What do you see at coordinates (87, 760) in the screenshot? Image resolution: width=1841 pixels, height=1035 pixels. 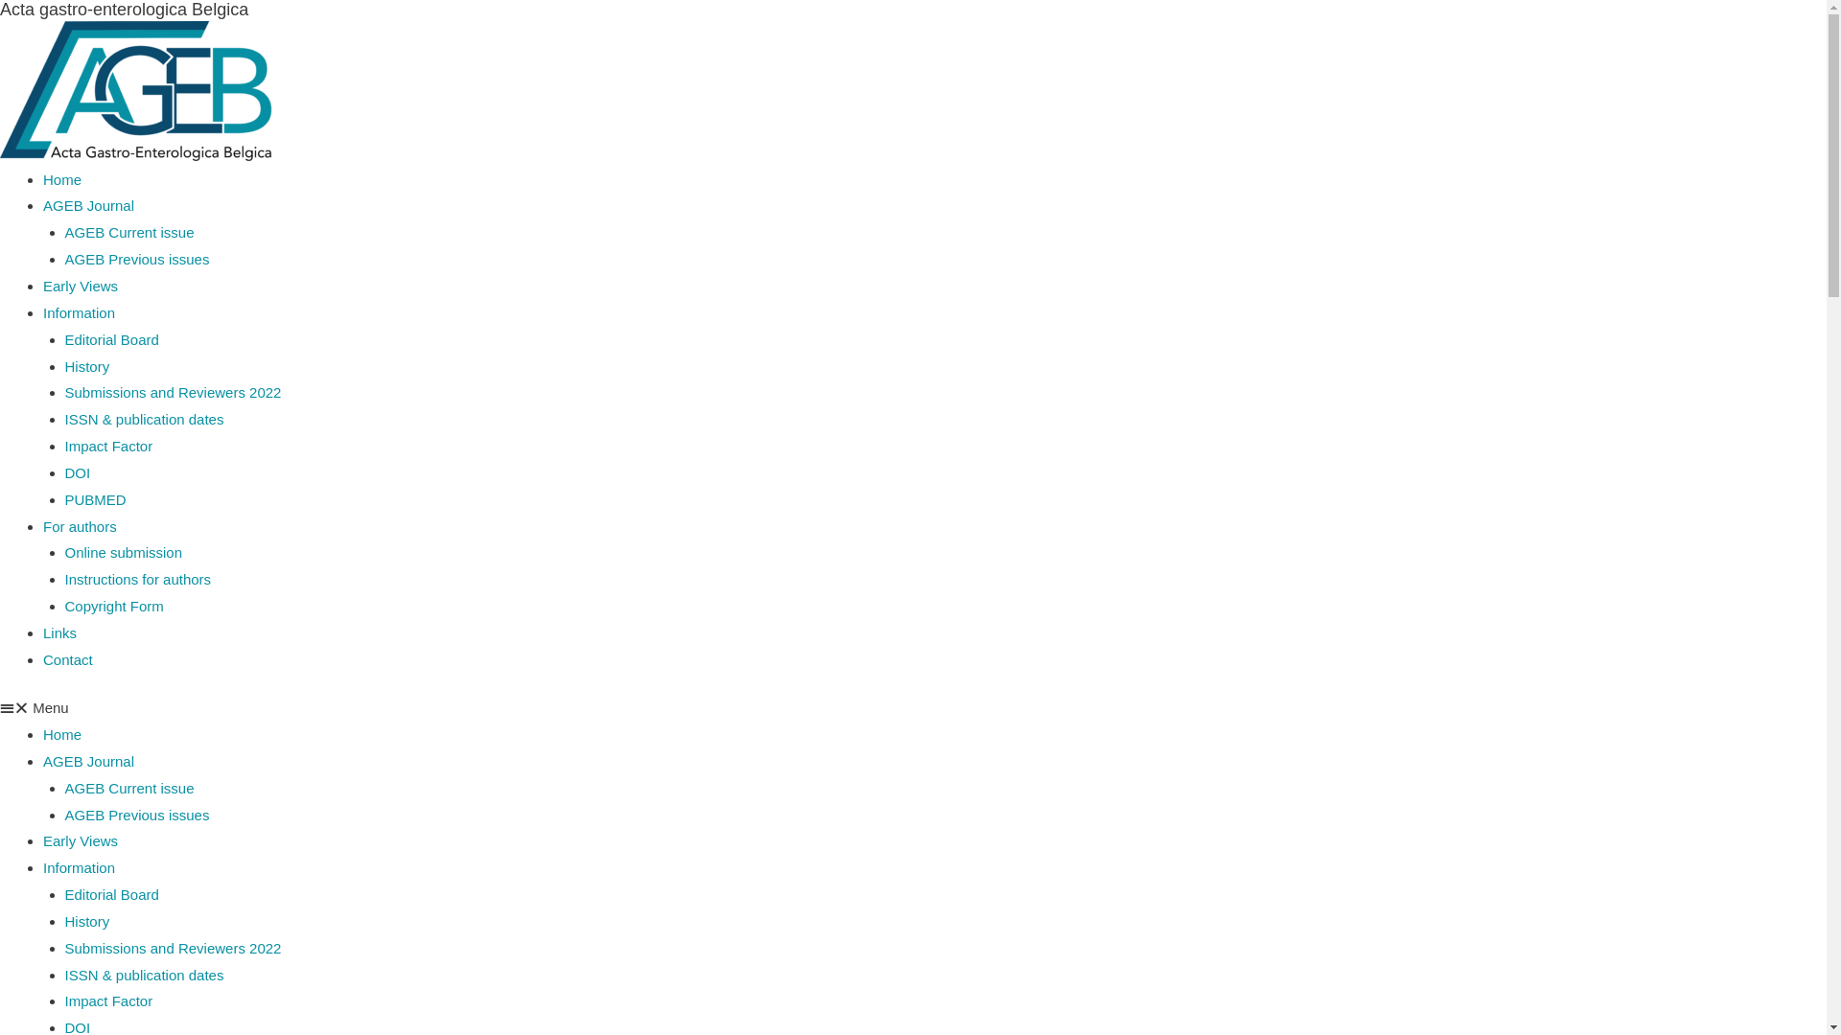 I see `'AGEB Journal'` at bounding box center [87, 760].